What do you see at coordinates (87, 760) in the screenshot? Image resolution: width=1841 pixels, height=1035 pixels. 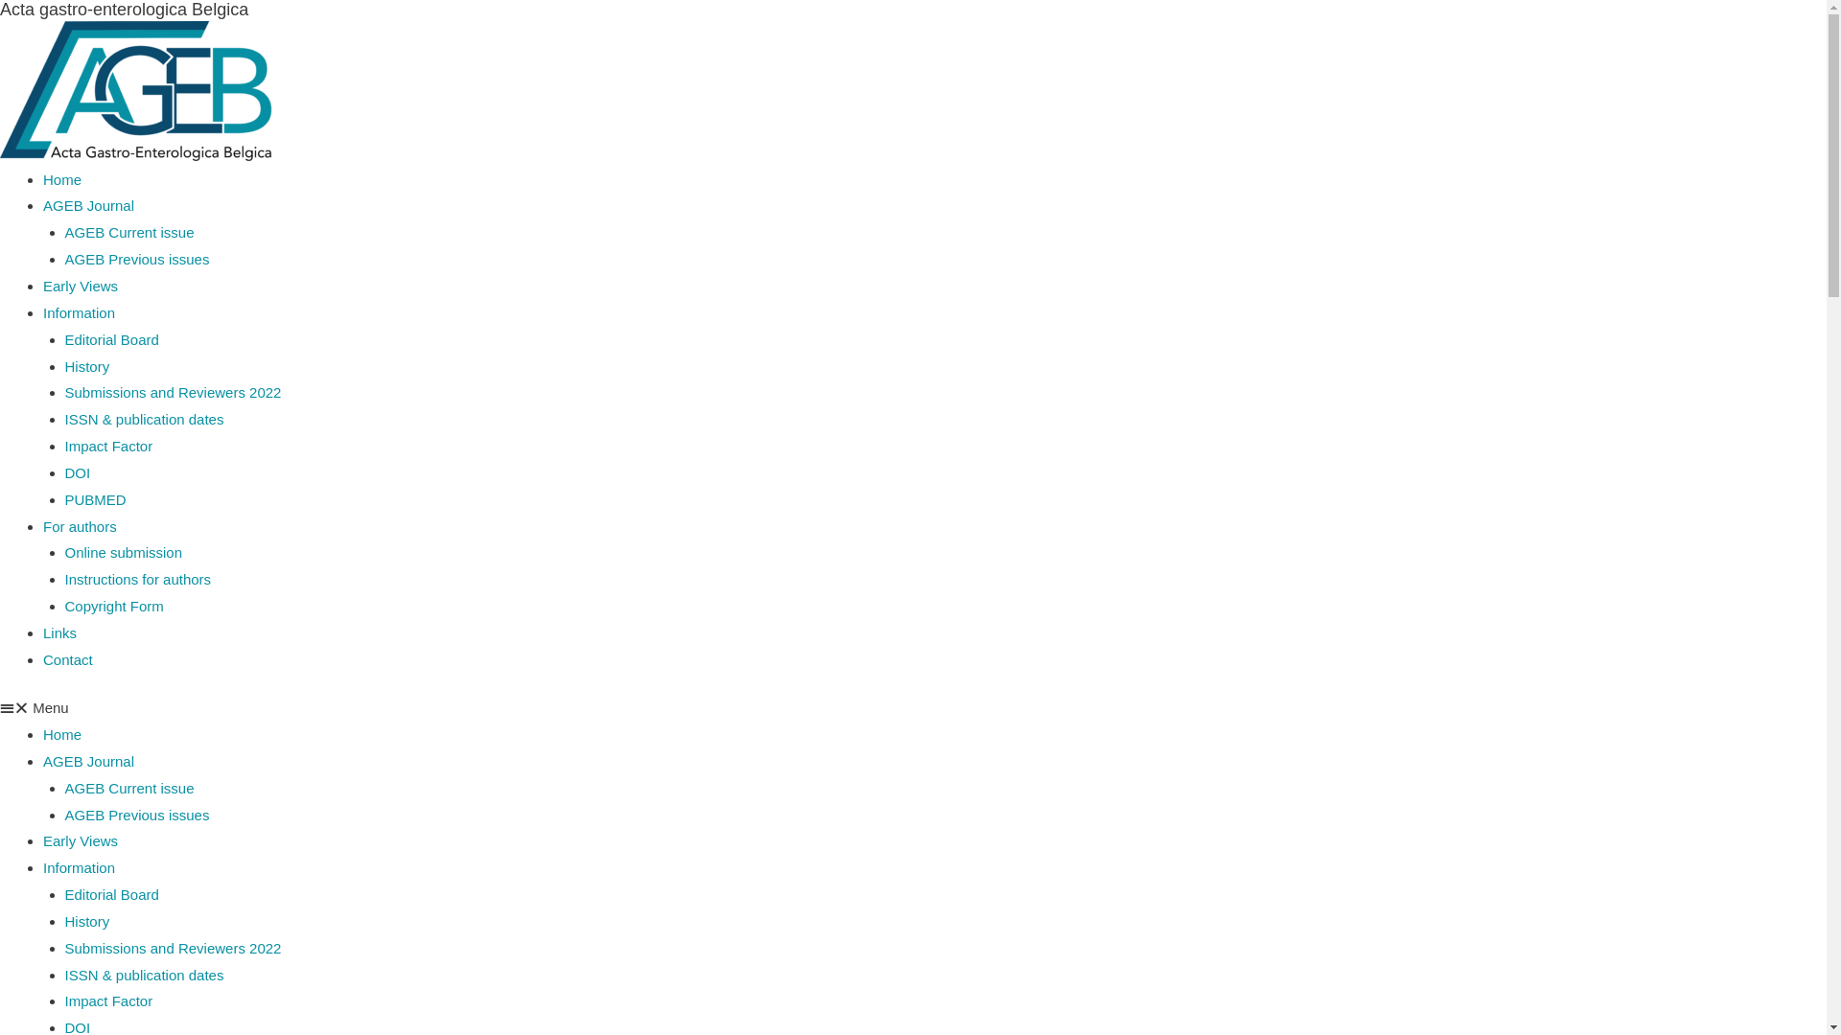 I see `'AGEB Journal'` at bounding box center [87, 760].